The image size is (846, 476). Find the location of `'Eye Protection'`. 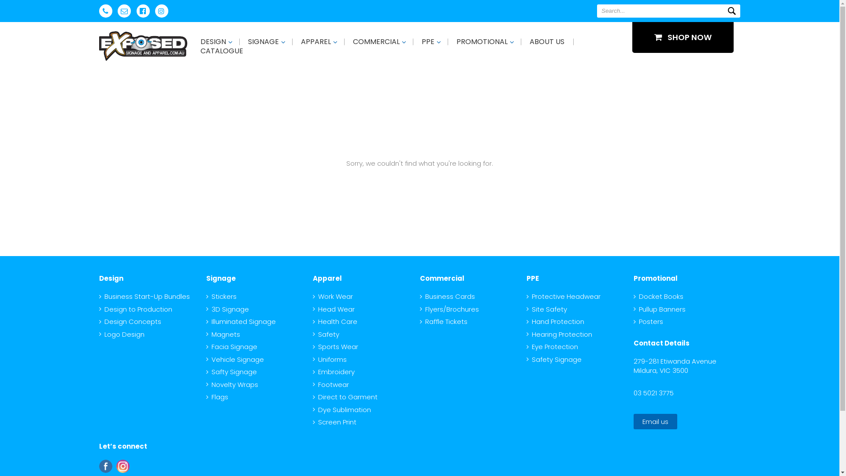

'Eye Protection' is located at coordinates (527, 346).